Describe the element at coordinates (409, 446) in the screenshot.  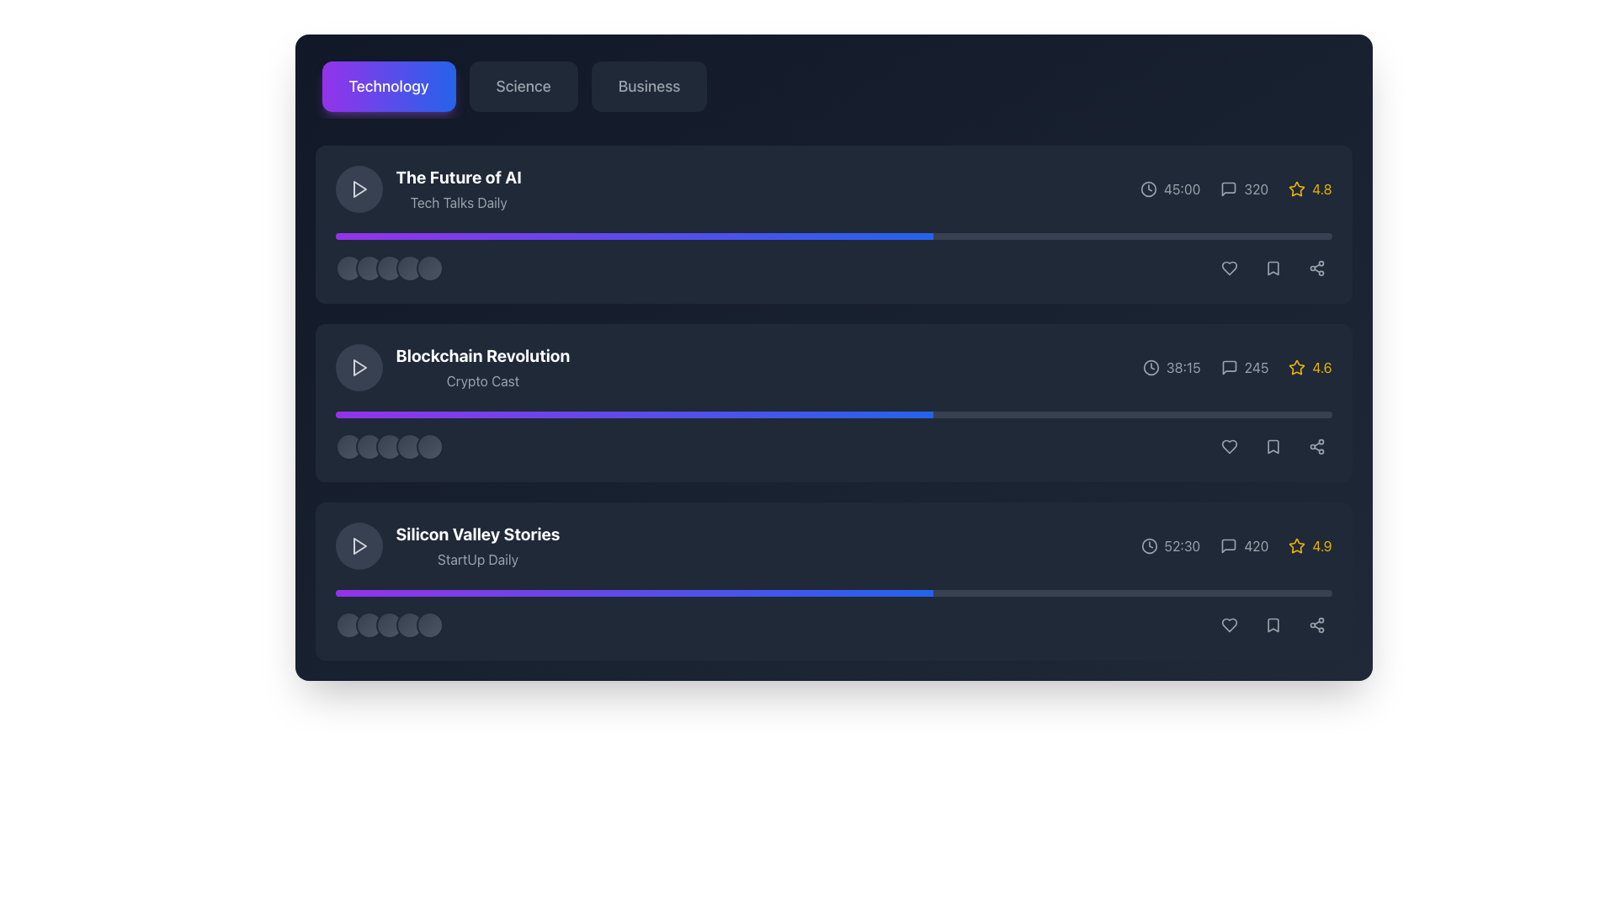
I see `the fourth circular progress indicator under the 'Blockchain Revolution' podcast to interact with it` at that location.